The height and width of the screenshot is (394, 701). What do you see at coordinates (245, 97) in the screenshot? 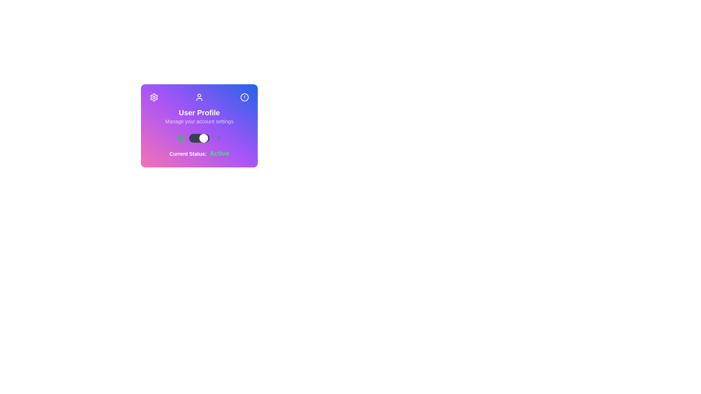
I see `the alert or notification icon` at bounding box center [245, 97].